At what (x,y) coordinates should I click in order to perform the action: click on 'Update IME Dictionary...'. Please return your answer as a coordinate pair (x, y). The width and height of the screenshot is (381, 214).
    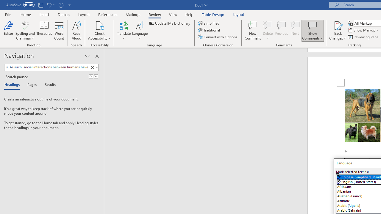
    Looking at the image, I should click on (170, 23).